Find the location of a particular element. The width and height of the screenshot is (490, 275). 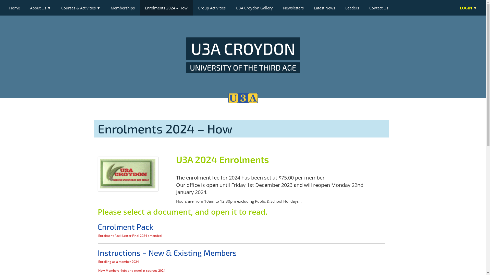

'Group Activities' is located at coordinates (192, 8).